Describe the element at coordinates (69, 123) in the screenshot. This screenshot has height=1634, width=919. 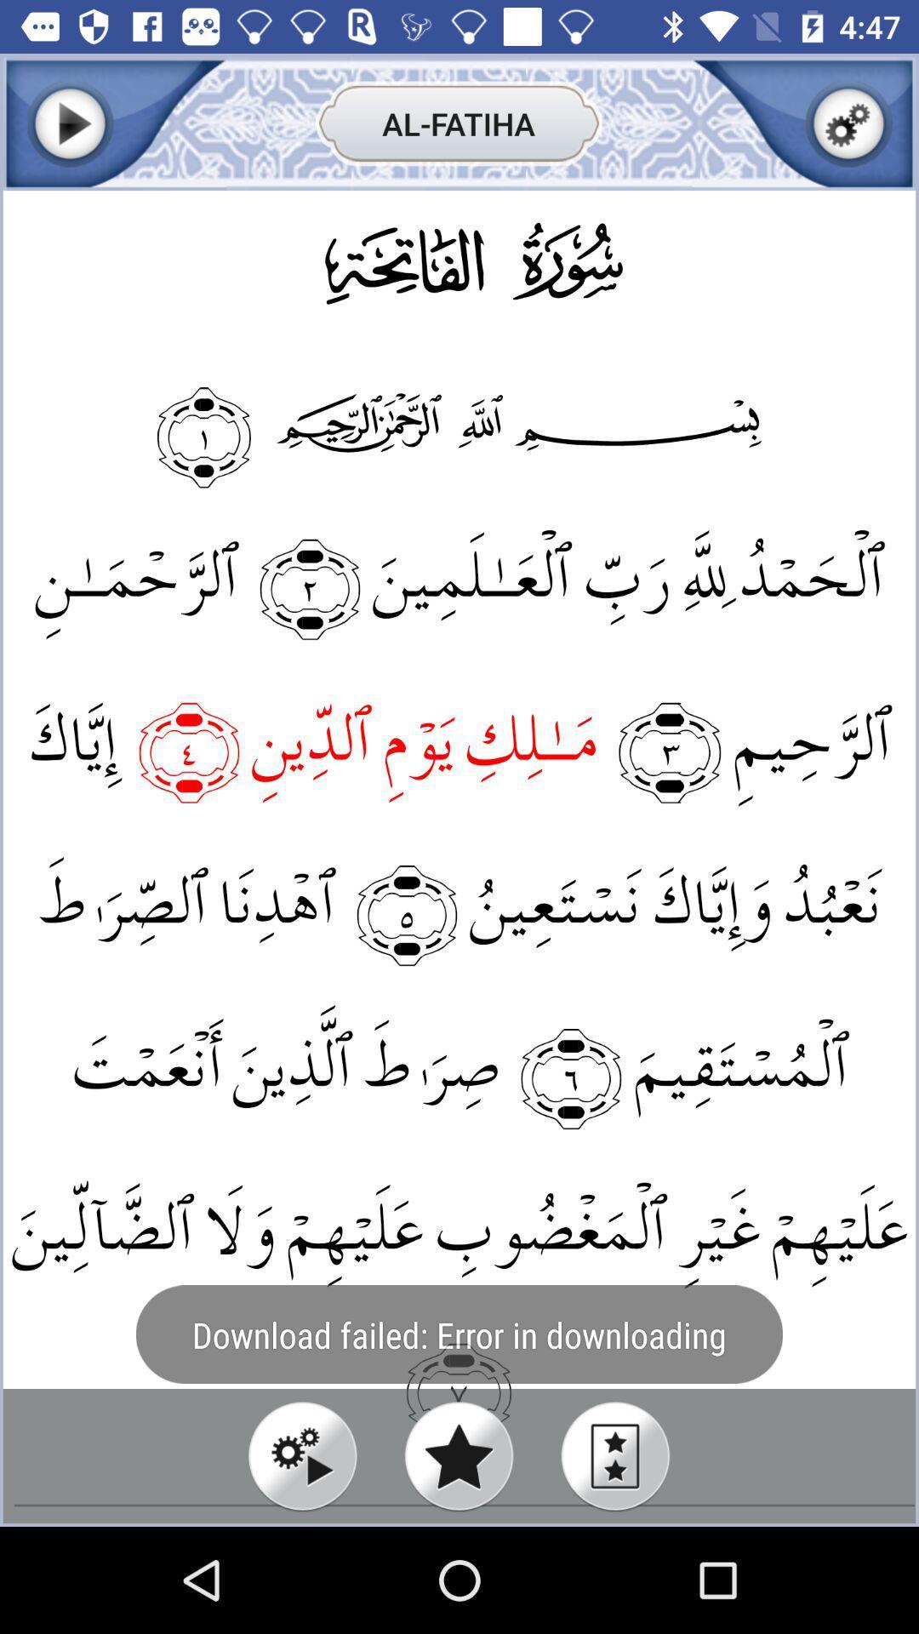
I see `the play icon` at that location.